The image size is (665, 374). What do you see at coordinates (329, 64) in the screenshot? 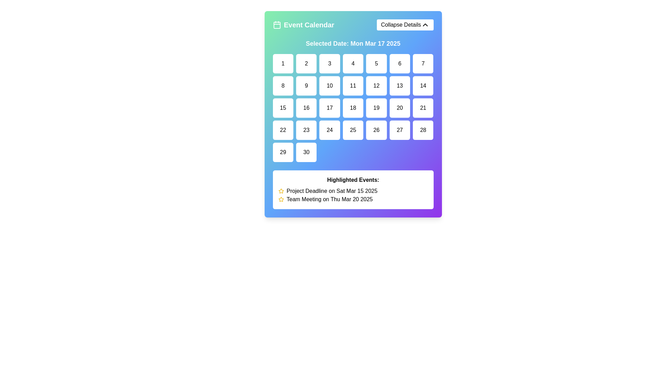
I see `the button representing the date '3' in the calendar interface to observe the hover effect` at bounding box center [329, 64].